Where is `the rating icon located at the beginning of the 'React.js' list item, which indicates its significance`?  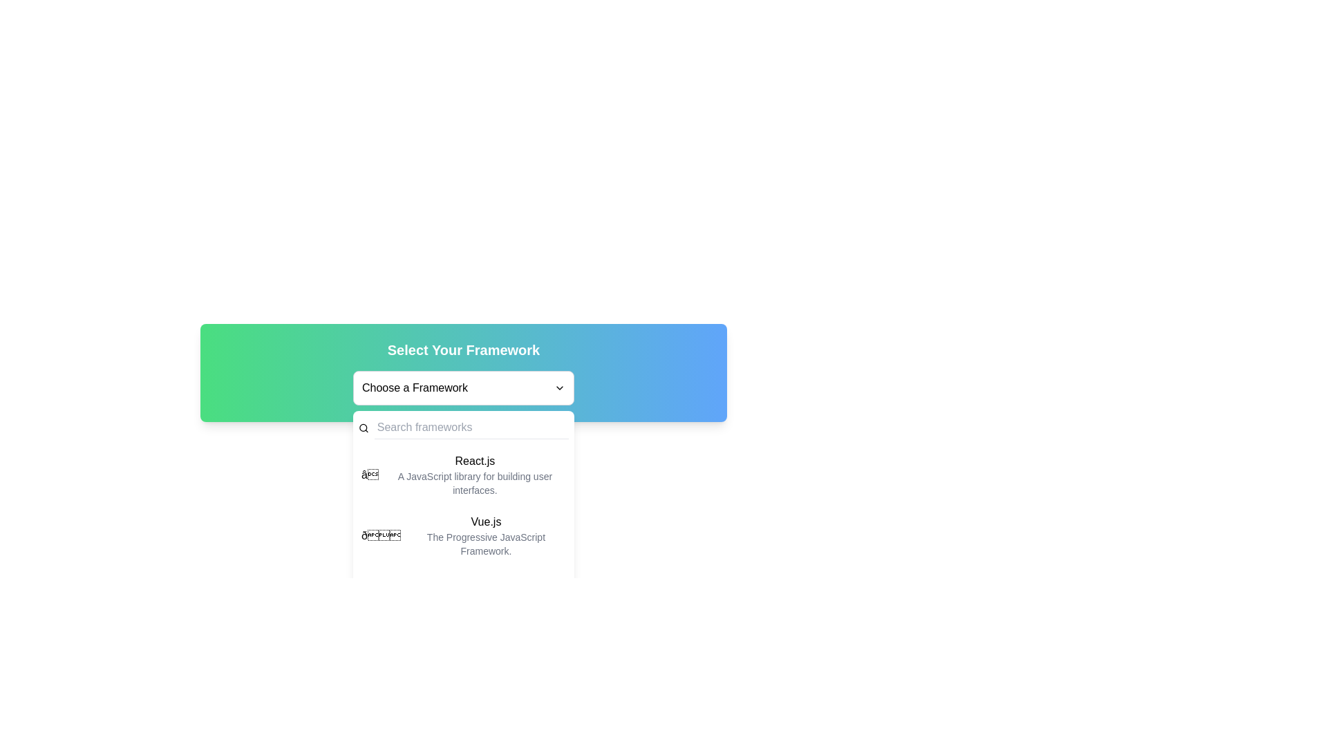
the rating icon located at the beginning of the 'React.js' list item, which indicates its significance is located at coordinates (370, 474).